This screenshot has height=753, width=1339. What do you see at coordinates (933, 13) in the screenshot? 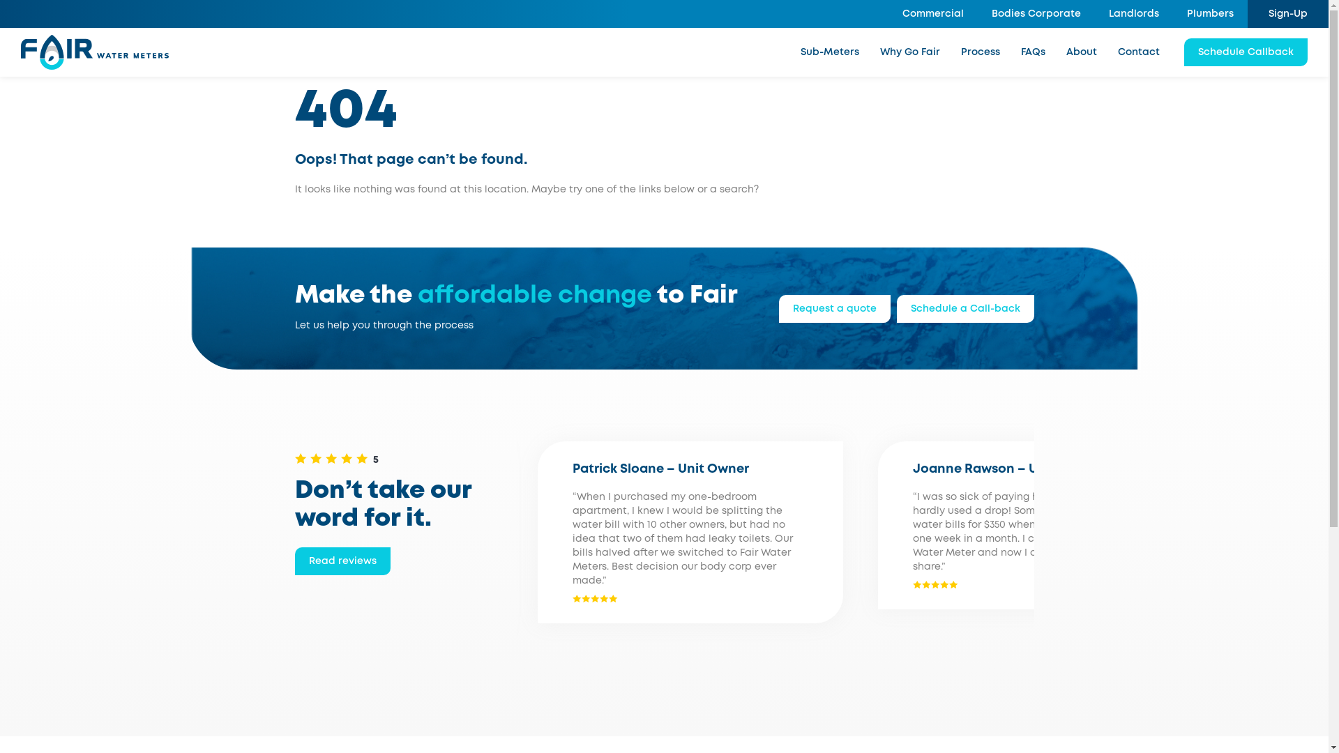
I see `'Commercial'` at bounding box center [933, 13].